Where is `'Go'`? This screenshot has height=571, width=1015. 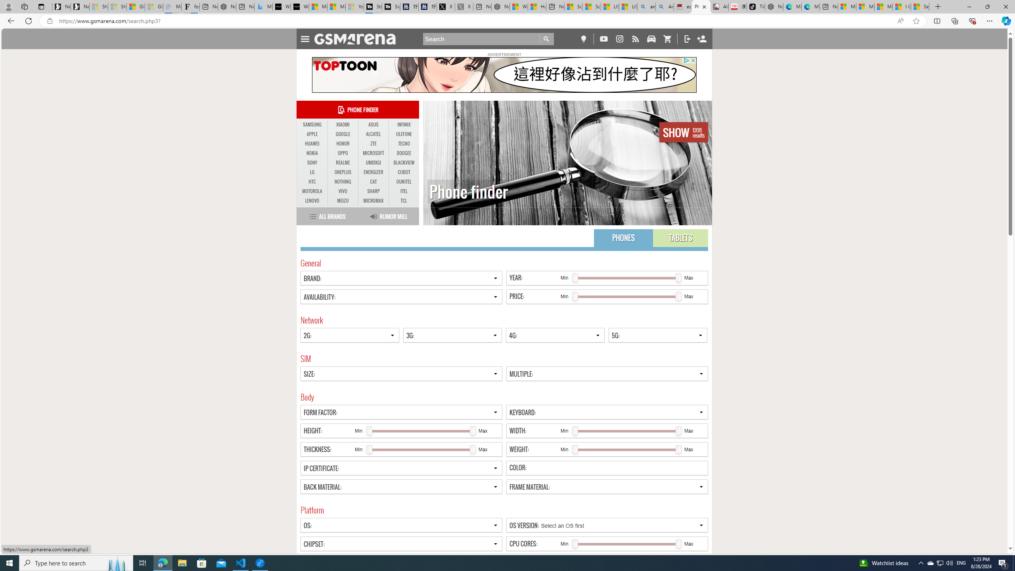 'Go' is located at coordinates (546, 38).